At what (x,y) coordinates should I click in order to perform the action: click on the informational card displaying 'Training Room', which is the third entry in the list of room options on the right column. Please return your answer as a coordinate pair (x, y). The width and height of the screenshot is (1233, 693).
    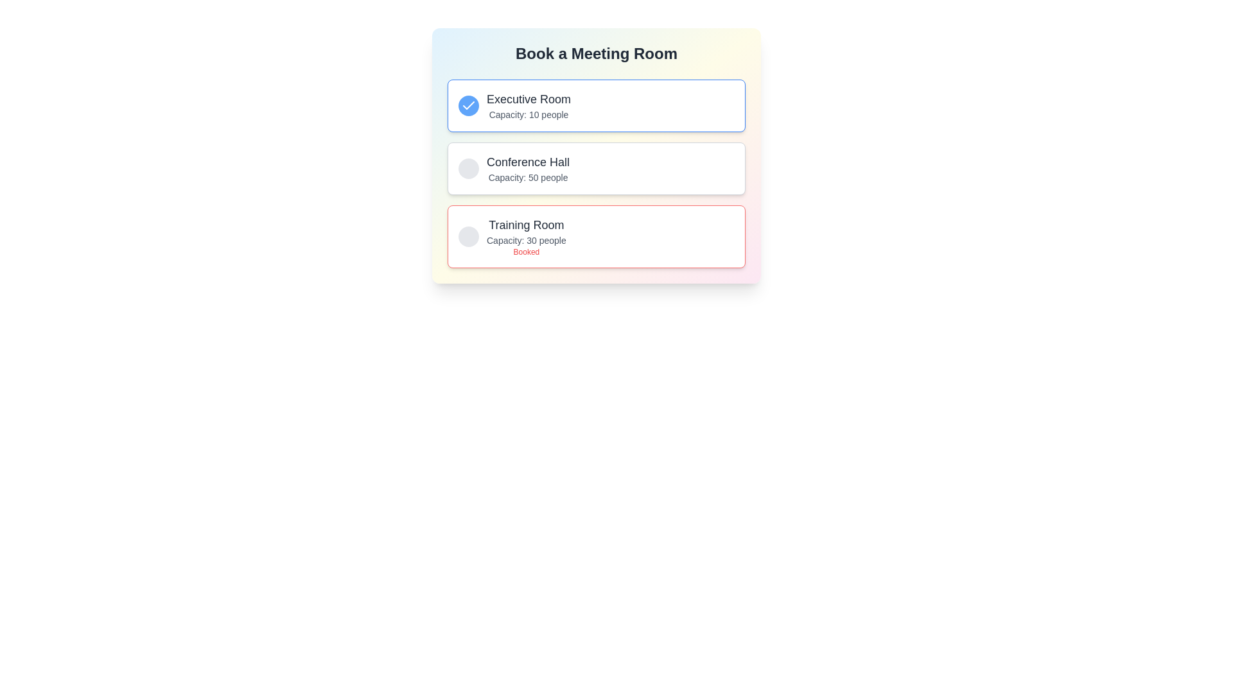
    Looking at the image, I should click on (511, 237).